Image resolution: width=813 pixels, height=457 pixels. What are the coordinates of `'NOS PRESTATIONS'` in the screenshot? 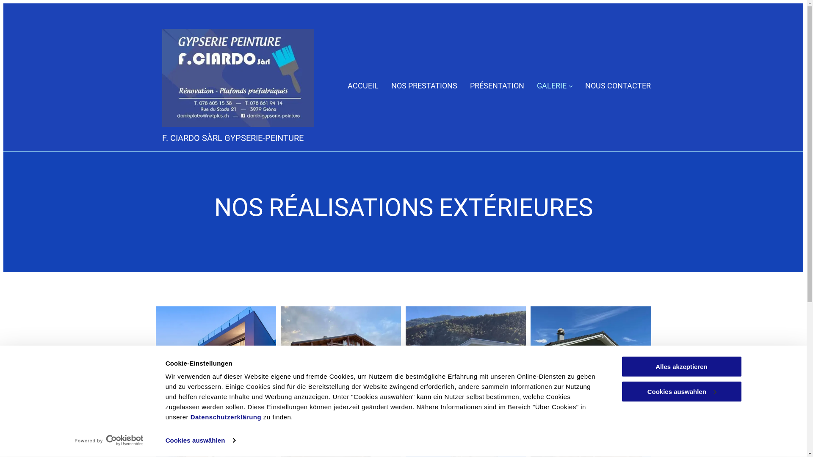 It's located at (424, 86).